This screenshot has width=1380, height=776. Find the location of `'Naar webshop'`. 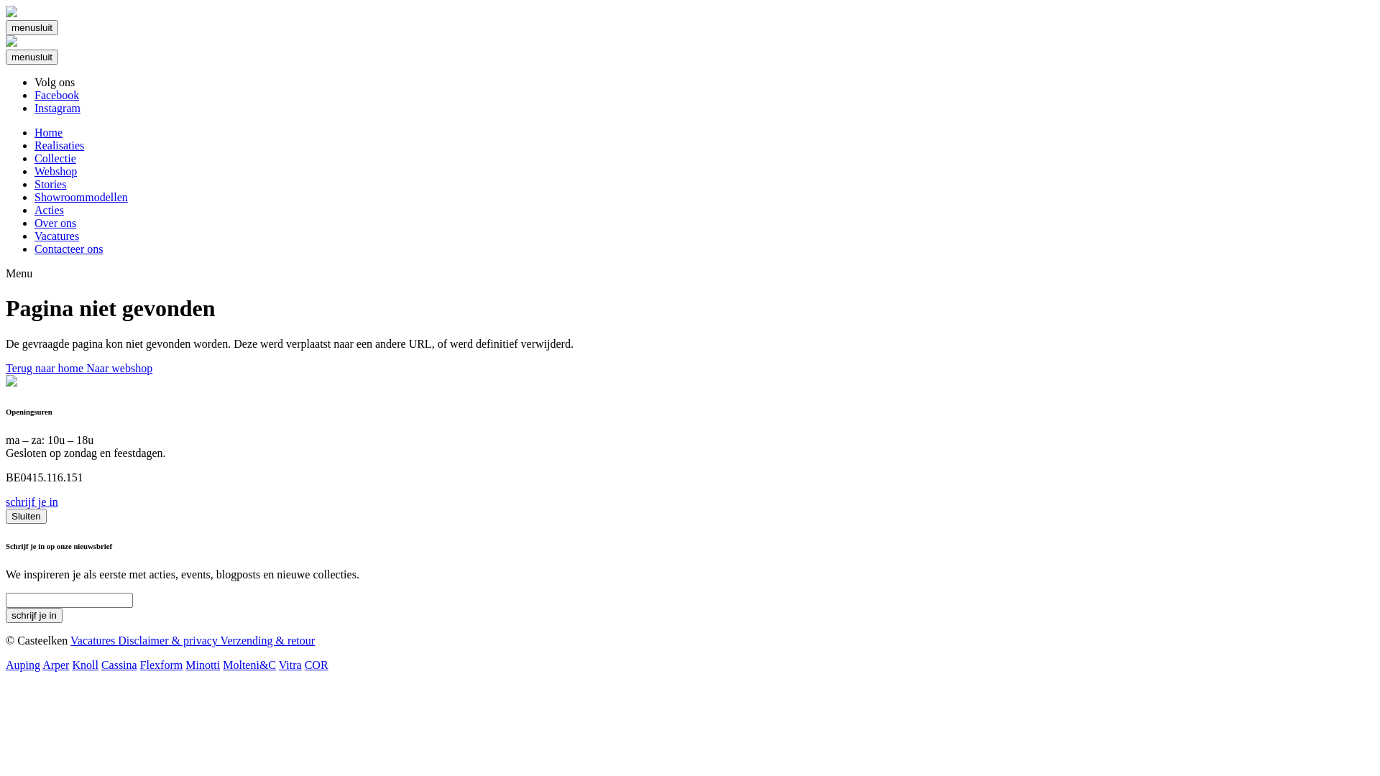

'Naar webshop' is located at coordinates (86, 367).